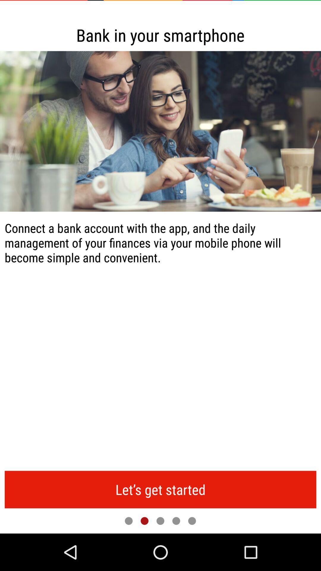 The height and width of the screenshot is (571, 321). I want to click on next page, so click(160, 520).